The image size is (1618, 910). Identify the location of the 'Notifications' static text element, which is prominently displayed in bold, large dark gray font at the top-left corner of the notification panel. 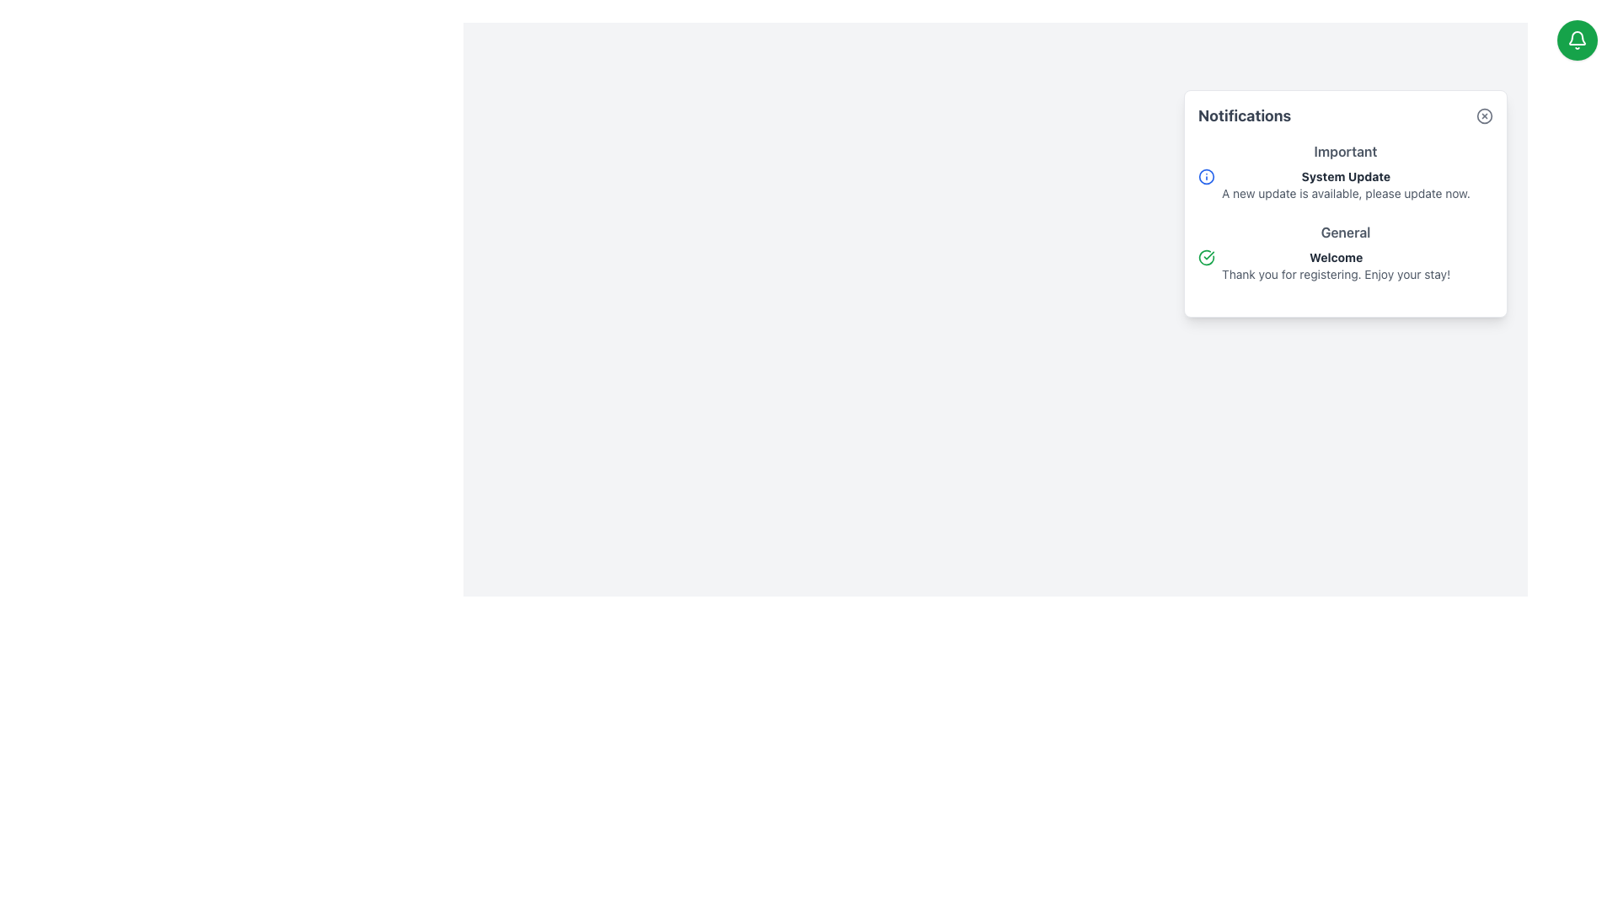
(1245, 115).